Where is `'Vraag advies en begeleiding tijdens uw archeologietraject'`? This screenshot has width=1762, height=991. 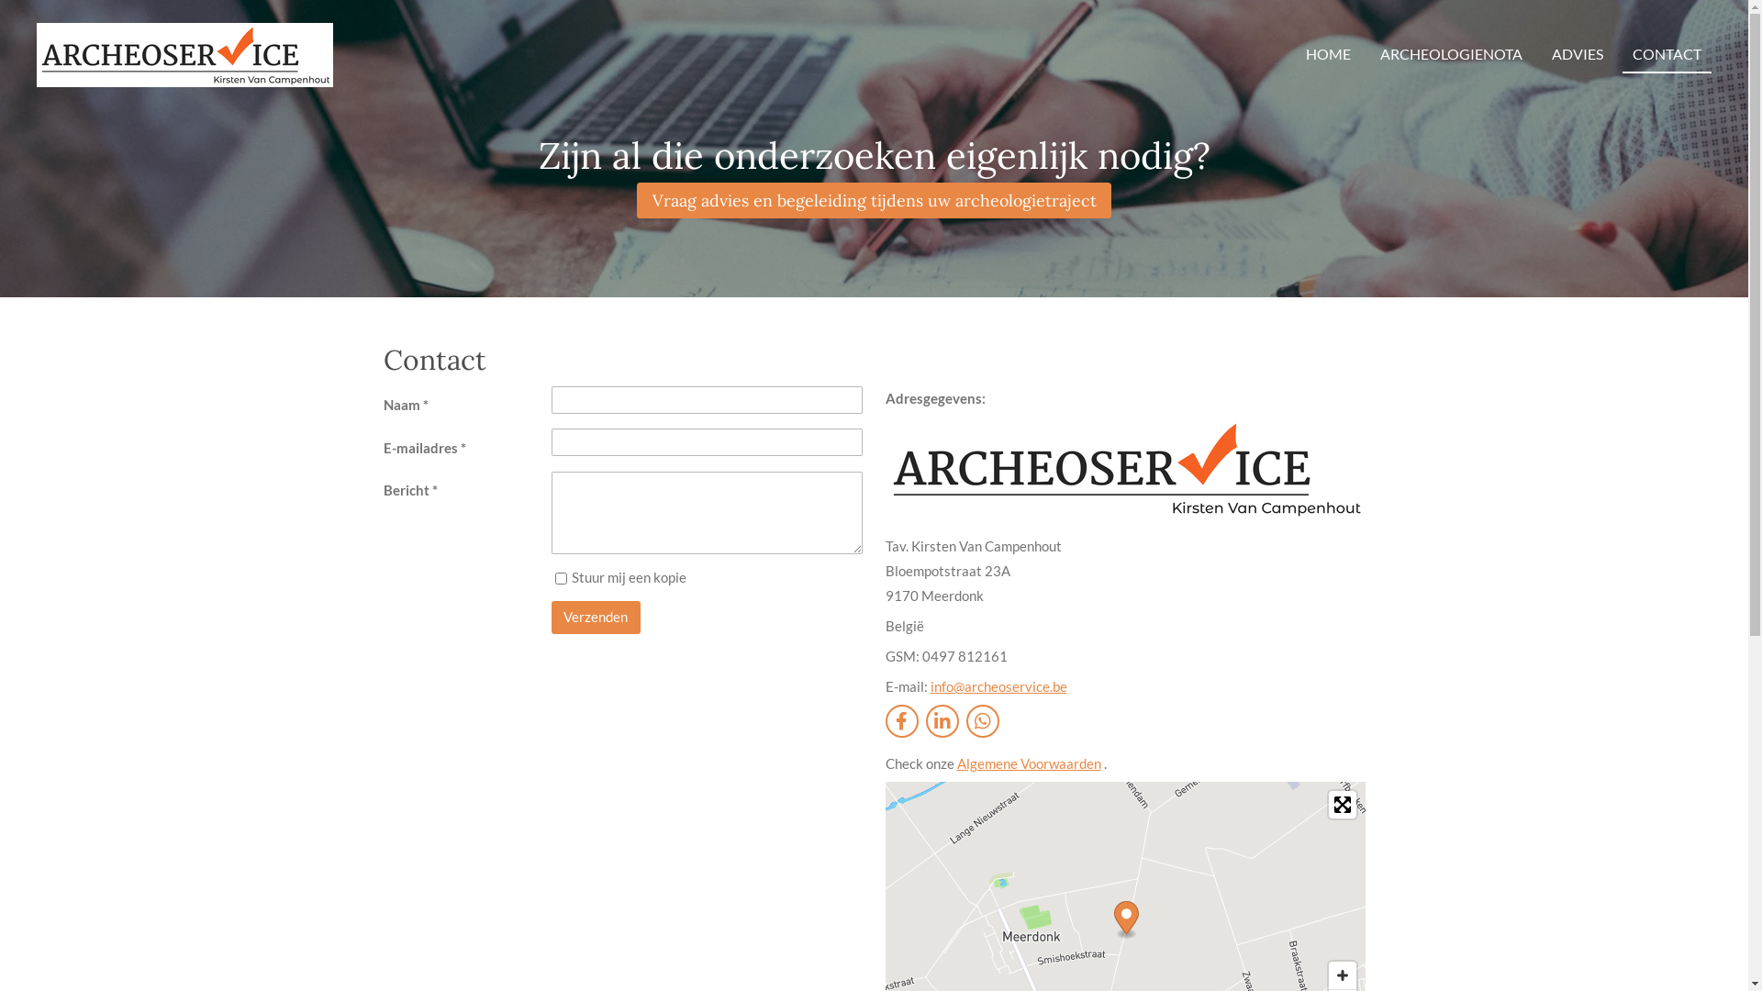 'Vraag advies en begeleiding tijdens uw archeologietraject' is located at coordinates (872, 200).